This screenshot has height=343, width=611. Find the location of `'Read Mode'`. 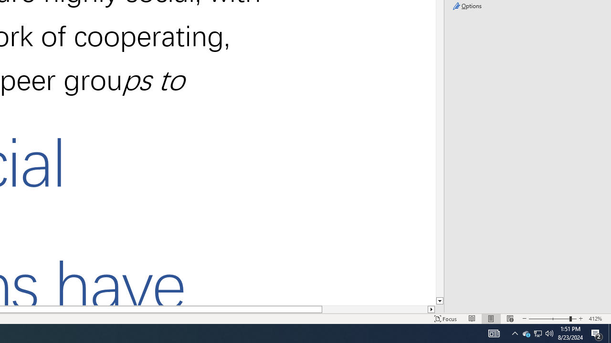

'Read Mode' is located at coordinates (472, 319).